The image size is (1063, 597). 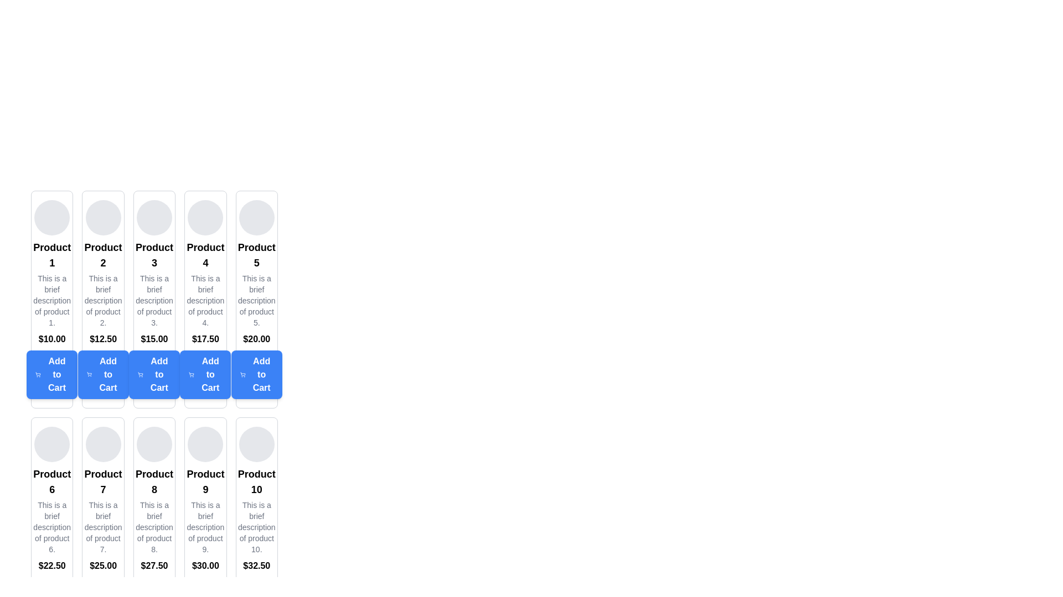 I want to click on the content of the price Text Label located below the item's description and above the 'Add to Cart' button for the second product in the product grid, so click(x=103, y=338).